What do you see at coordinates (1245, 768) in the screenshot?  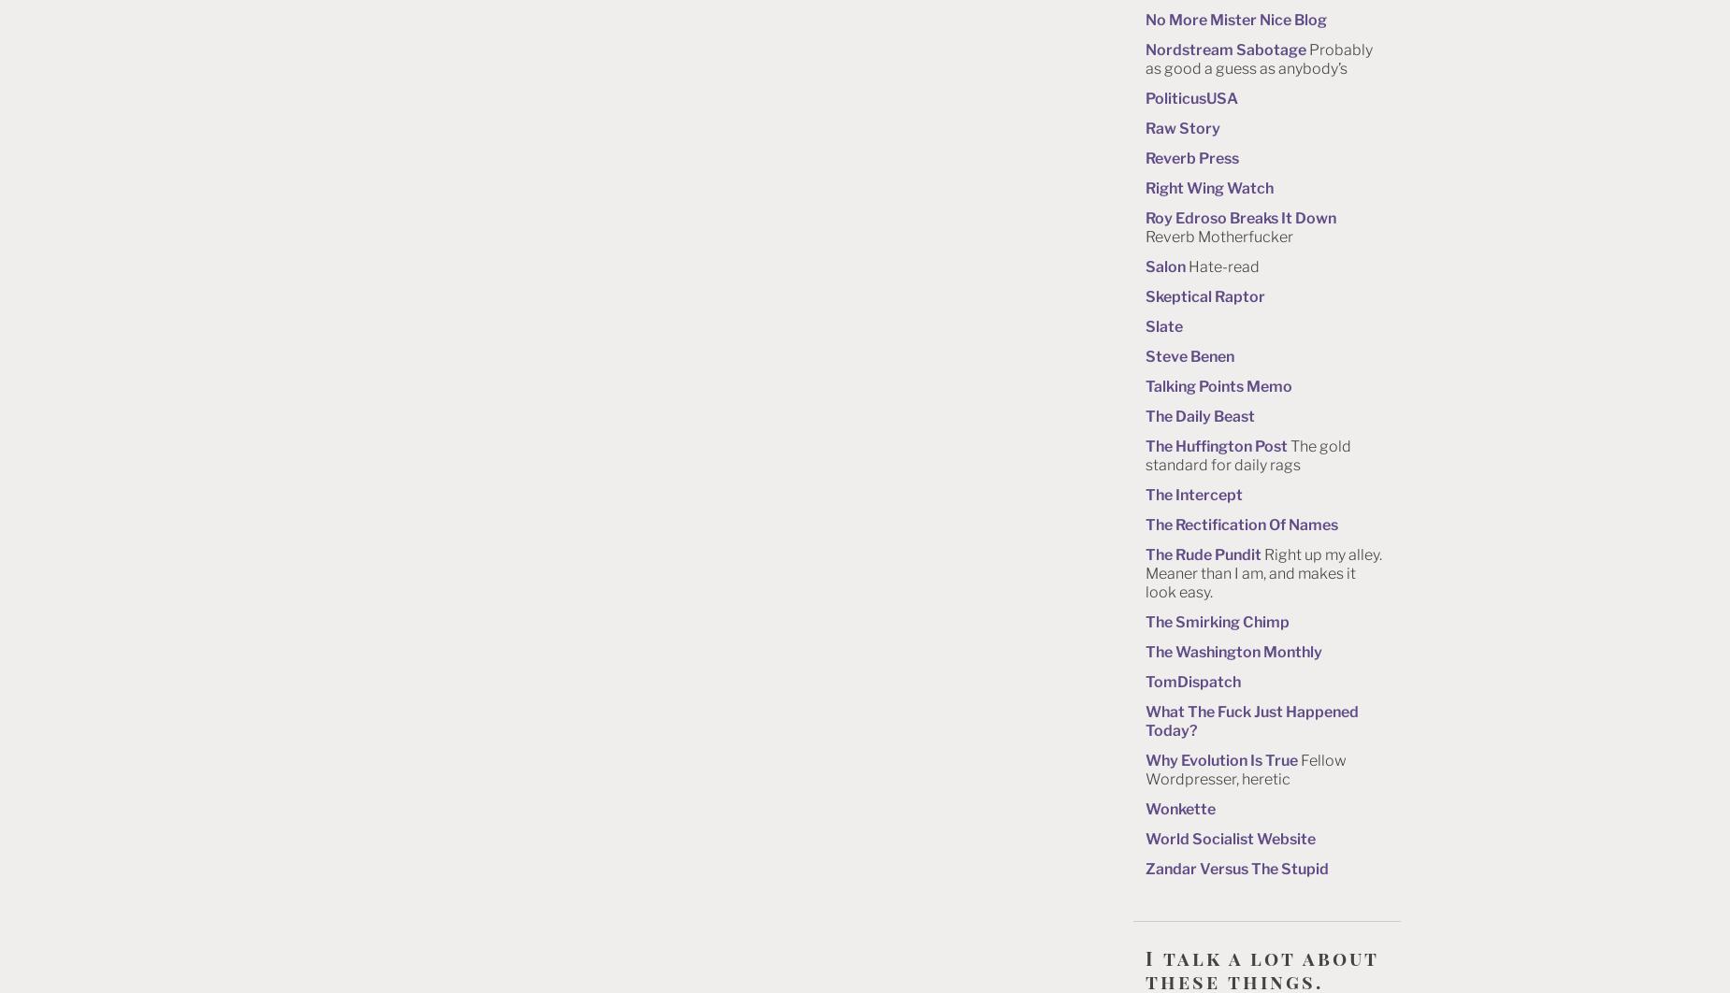 I see `'Fellow Wordpresser, heretic'` at bounding box center [1245, 768].